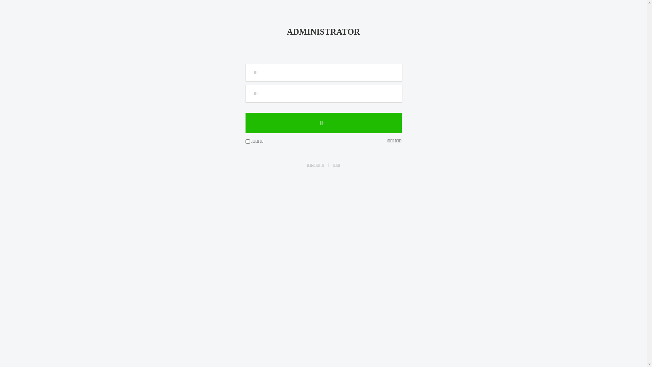 Image resolution: width=652 pixels, height=367 pixels. What do you see at coordinates (323, 32) in the screenshot?
I see `'ADMINISTRATOR'` at bounding box center [323, 32].